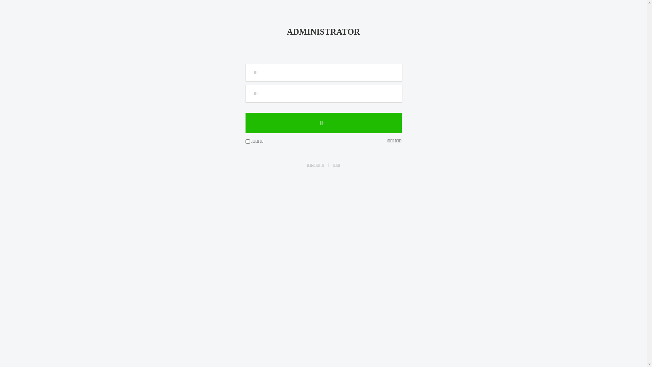 Image resolution: width=652 pixels, height=367 pixels. What do you see at coordinates (323, 32) in the screenshot?
I see `'ADMINISTRATOR'` at bounding box center [323, 32].